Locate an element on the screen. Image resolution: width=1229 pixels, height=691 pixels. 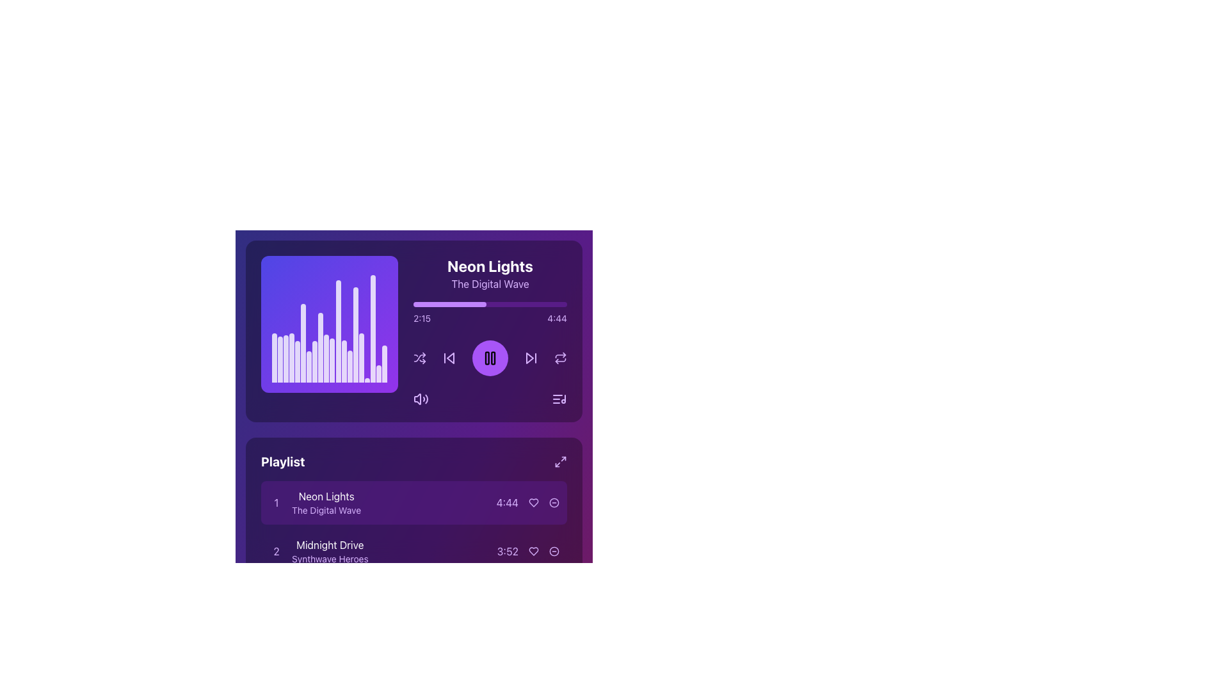
the static text label displaying 'Midnight Drive' and 'Synthwave Heroes', which is the second item in the playlist section of the UI is located at coordinates (330, 550).